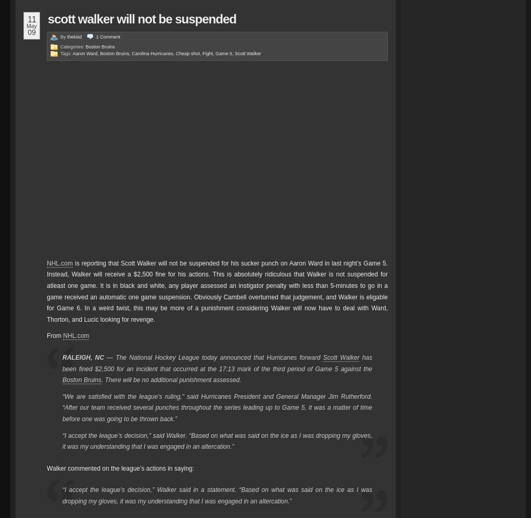  What do you see at coordinates (217, 407) in the screenshot?
I see `'“We are satisfied with the league’s ruling,” said Hurricanes President and General Manager Jim Rutherford. “After our team received several punches throughout the series leading up to Game 5, it was a matter of time before one was going to be thrown back.”'` at bounding box center [217, 407].